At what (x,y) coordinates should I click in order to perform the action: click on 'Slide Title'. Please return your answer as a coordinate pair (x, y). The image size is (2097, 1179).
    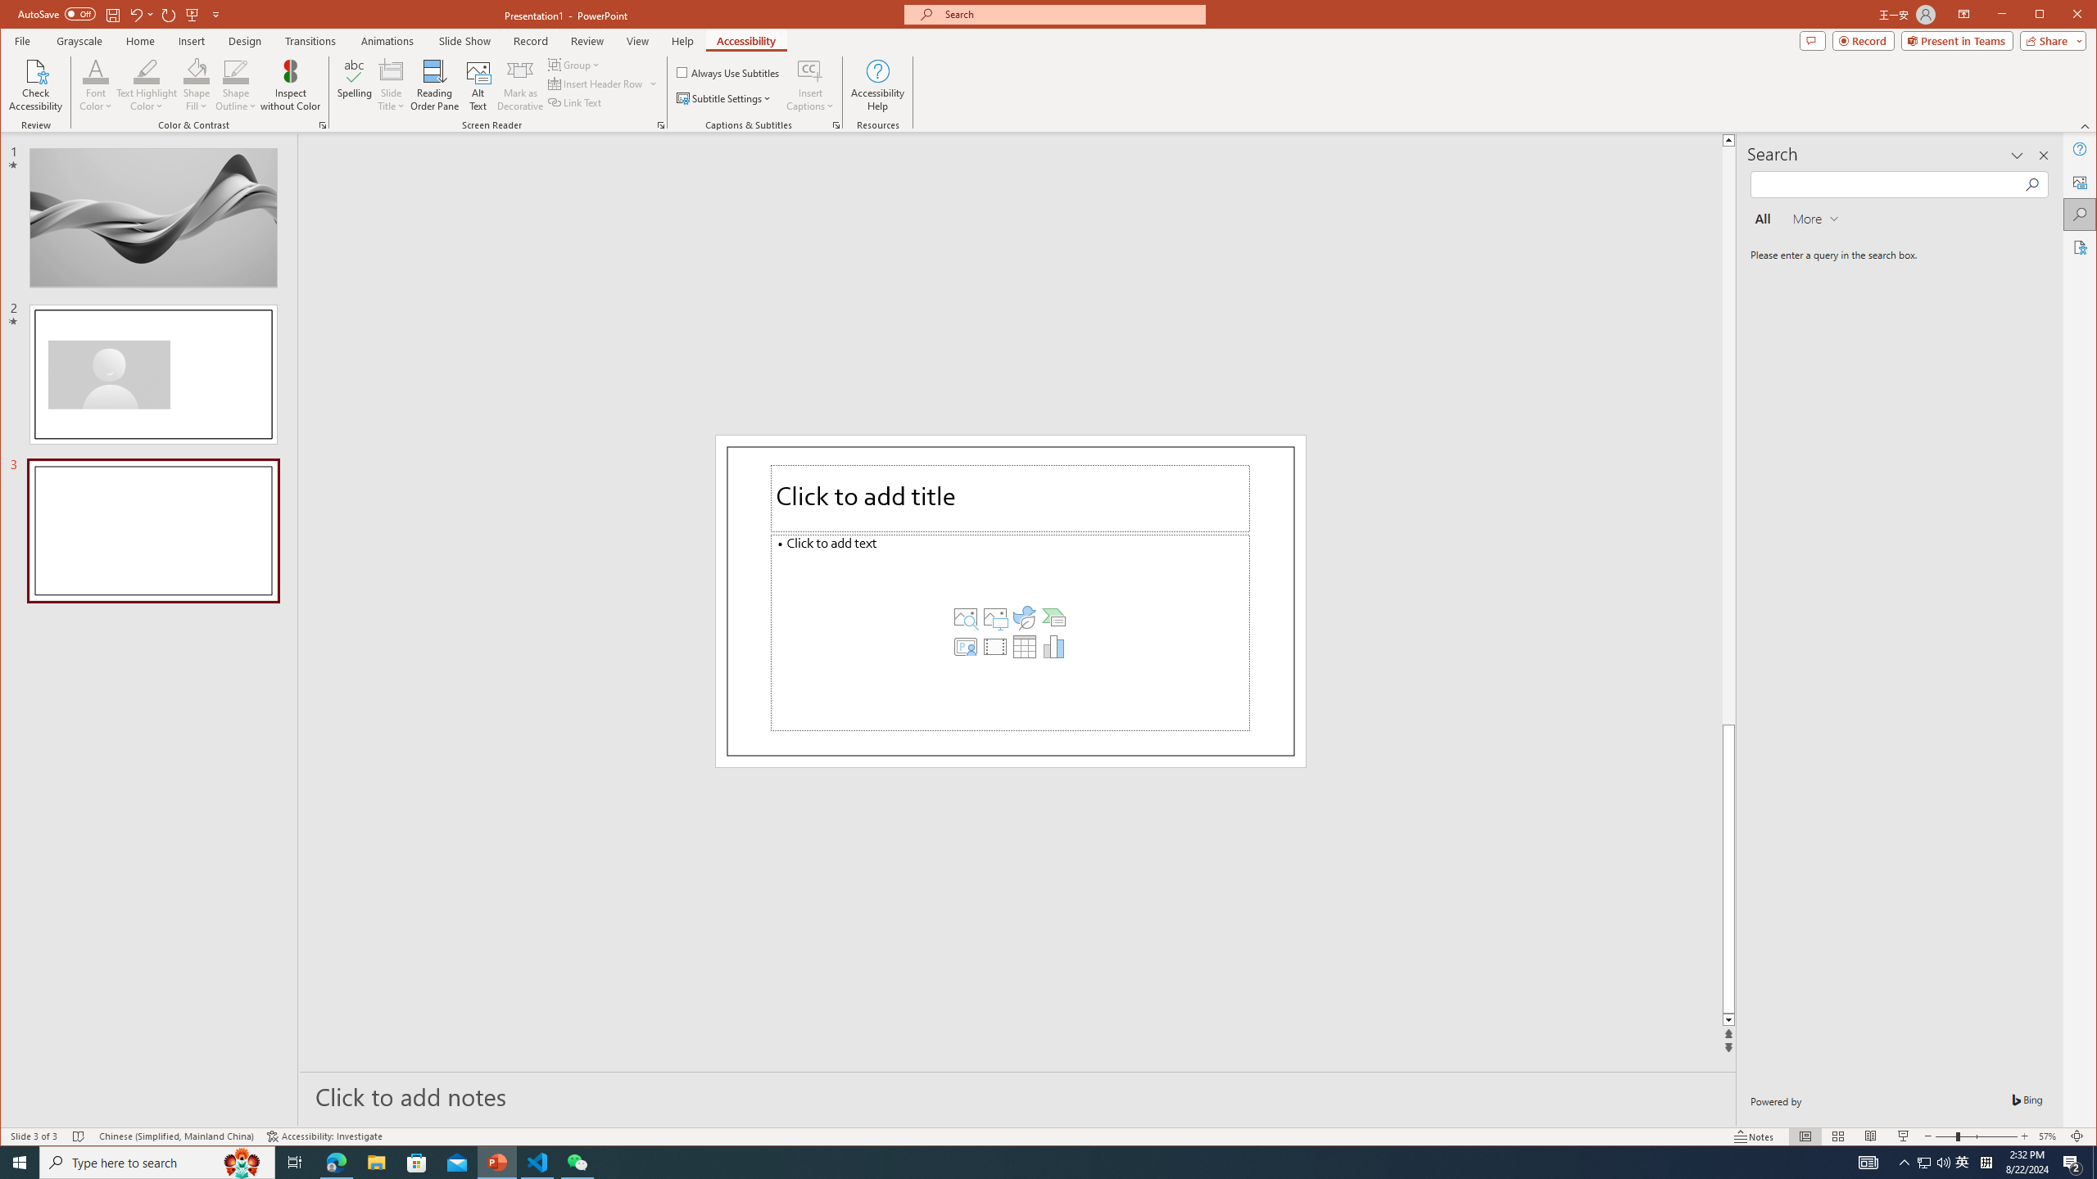
    Looking at the image, I should click on (391, 70).